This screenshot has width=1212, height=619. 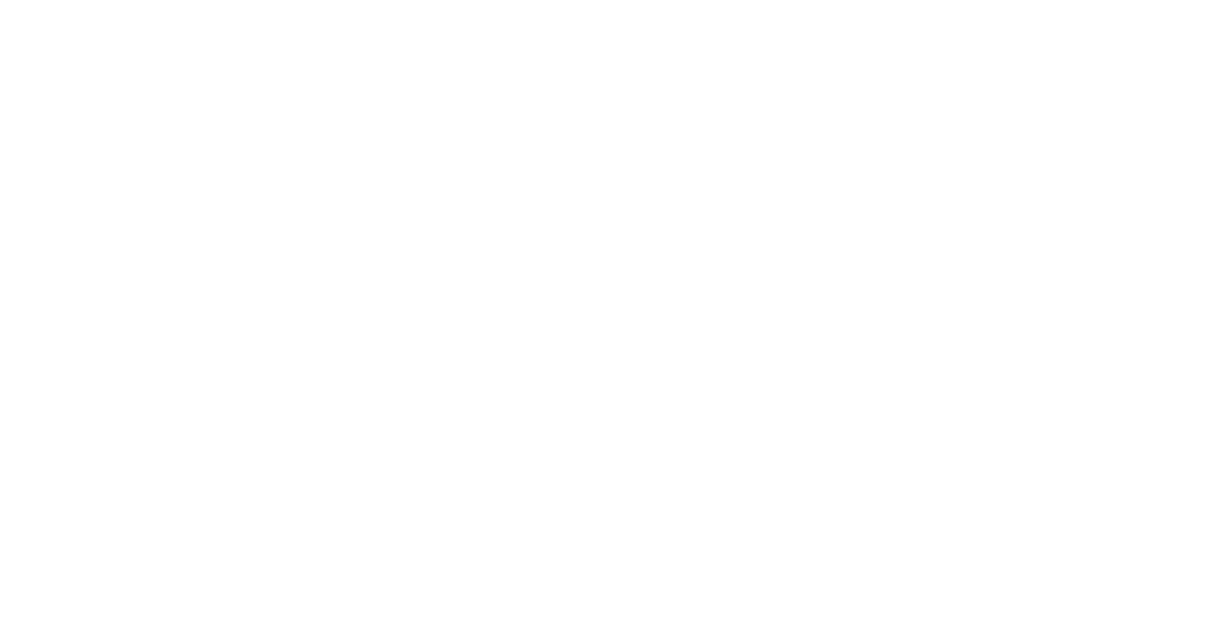 What do you see at coordinates (0, 47) in the screenshot?
I see `'Interview Air'` at bounding box center [0, 47].